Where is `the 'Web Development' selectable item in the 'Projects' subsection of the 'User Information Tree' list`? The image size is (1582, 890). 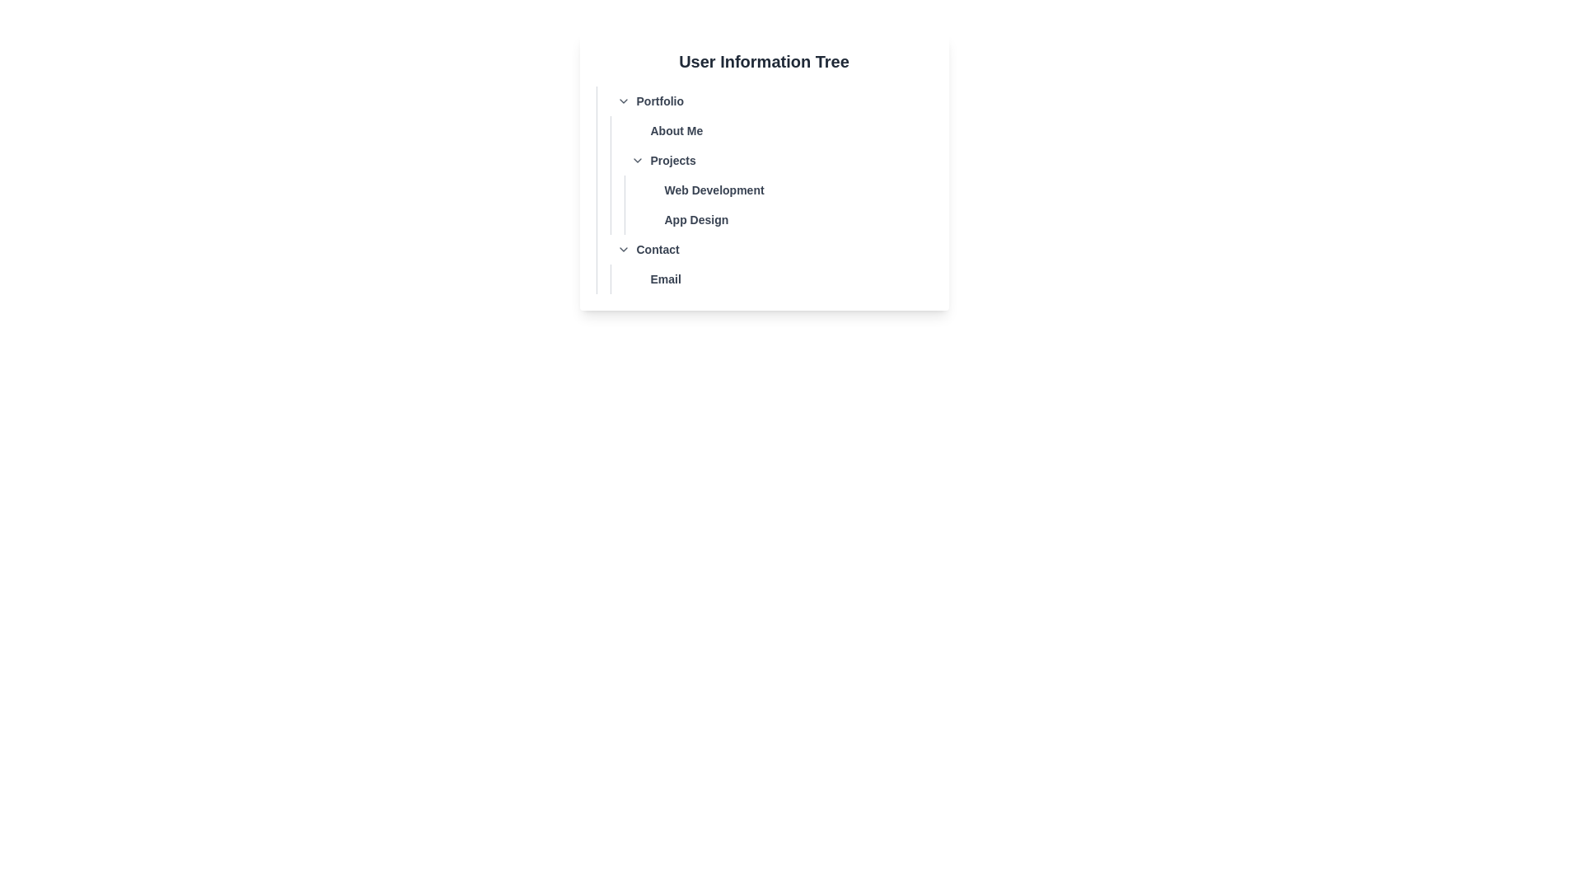 the 'Web Development' selectable item in the 'Projects' subsection of the 'User Information Tree' list is located at coordinates (763, 190).